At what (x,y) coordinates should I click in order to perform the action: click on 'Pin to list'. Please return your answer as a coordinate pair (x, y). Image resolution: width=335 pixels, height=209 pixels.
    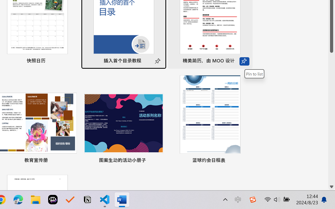
    Looking at the image, I should click on (254, 74).